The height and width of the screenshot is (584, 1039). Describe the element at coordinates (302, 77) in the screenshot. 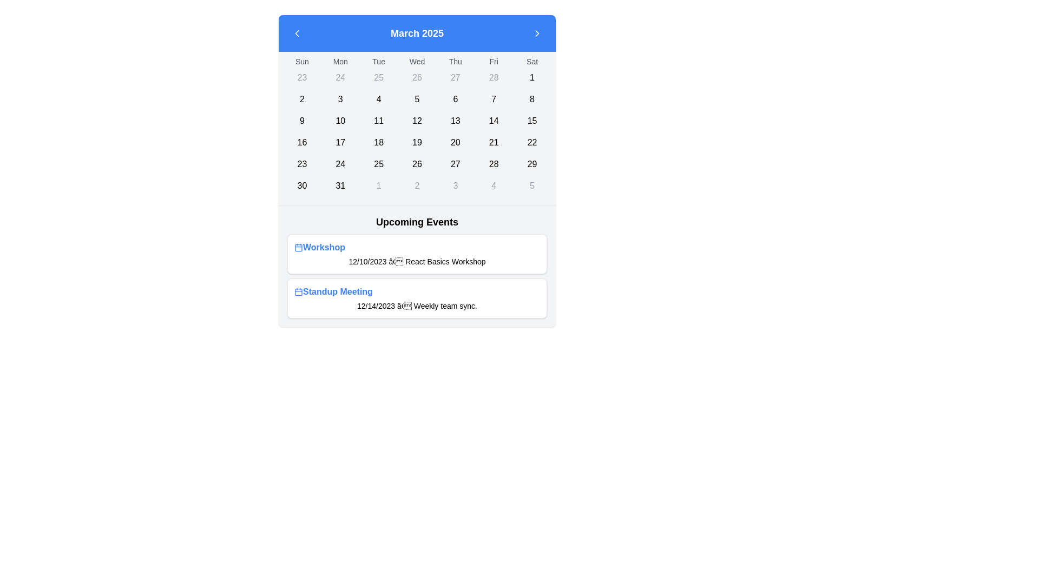

I see `the calendar day cell representing the 23rd of the month, located in the first column under 'Sun' in the second row of the monthly calendar view` at that location.